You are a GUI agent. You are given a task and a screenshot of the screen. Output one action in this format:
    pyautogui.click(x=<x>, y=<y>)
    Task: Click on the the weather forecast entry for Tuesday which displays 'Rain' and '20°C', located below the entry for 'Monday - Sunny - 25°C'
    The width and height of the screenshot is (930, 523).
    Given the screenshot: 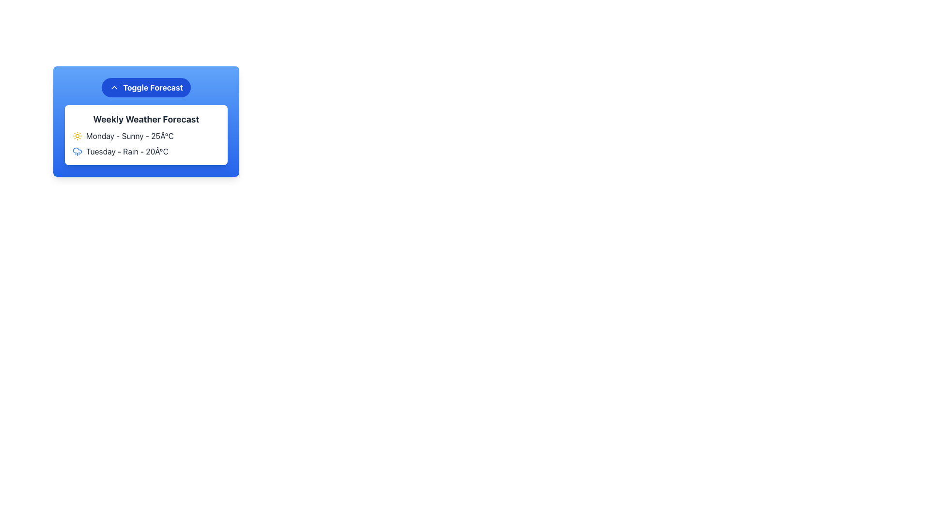 What is the action you would take?
    pyautogui.click(x=146, y=151)
    